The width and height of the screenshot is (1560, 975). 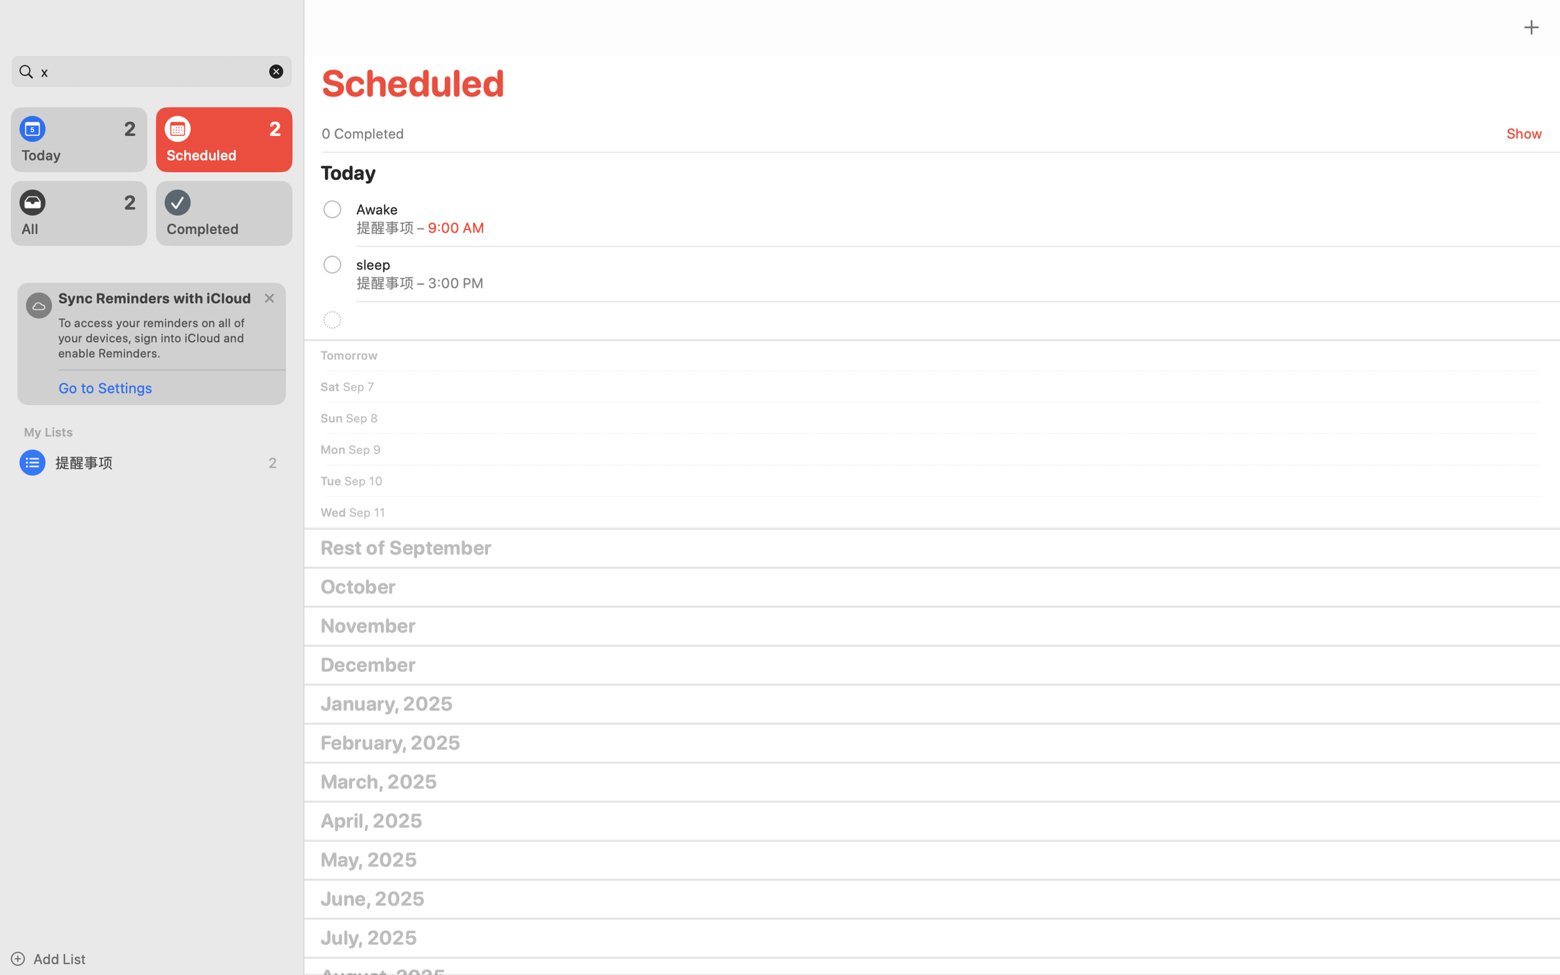 I want to click on '0 Completed', so click(x=362, y=133).